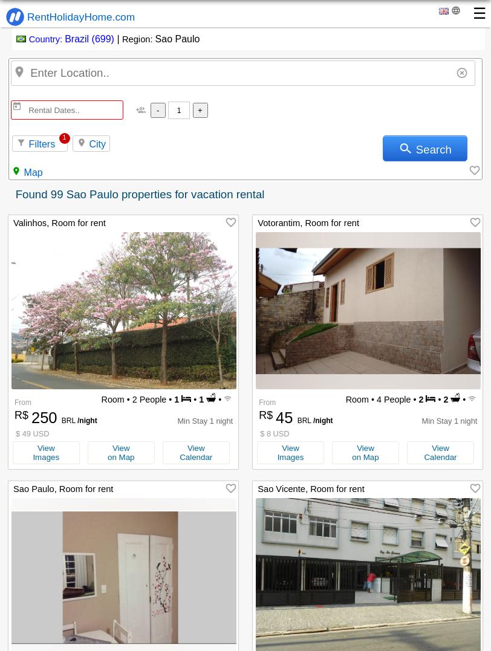 This screenshot has height=651, width=491. Describe the element at coordinates (129, 399) in the screenshot. I see `'2 People
•'` at that location.